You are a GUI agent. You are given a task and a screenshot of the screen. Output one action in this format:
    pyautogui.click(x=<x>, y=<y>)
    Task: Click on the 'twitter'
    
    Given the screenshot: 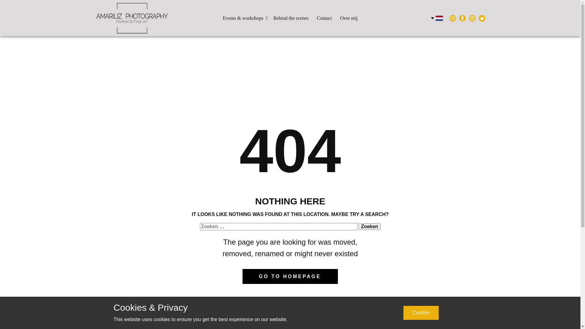 What is the action you would take?
    pyautogui.click(x=478, y=18)
    